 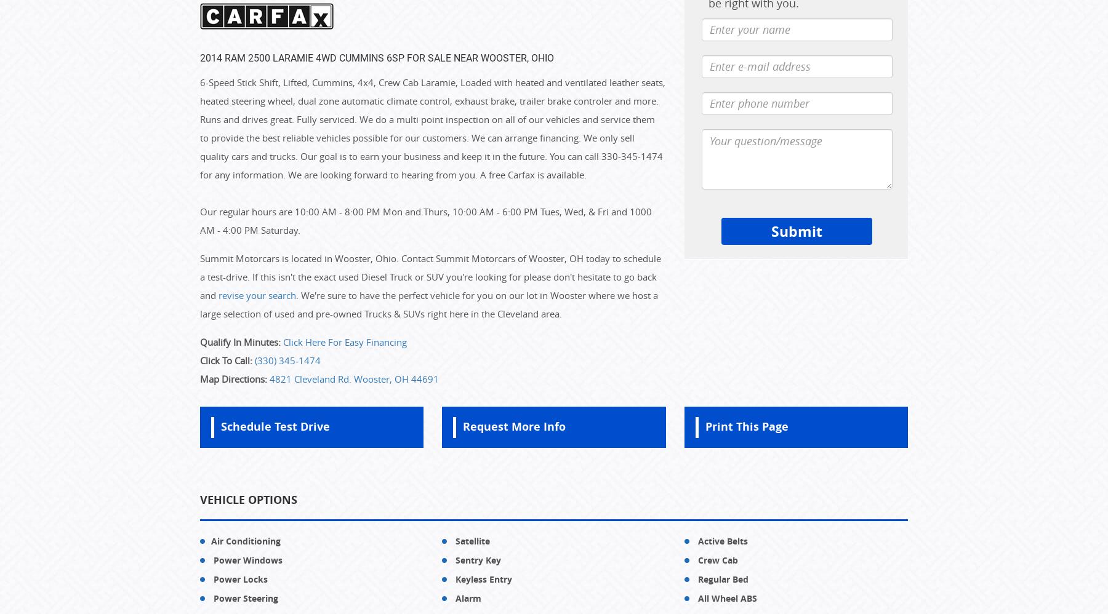 What do you see at coordinates (482, 578) in the screenshot?
I see `'Keyless Entry'` at bounding box center [482, 578].